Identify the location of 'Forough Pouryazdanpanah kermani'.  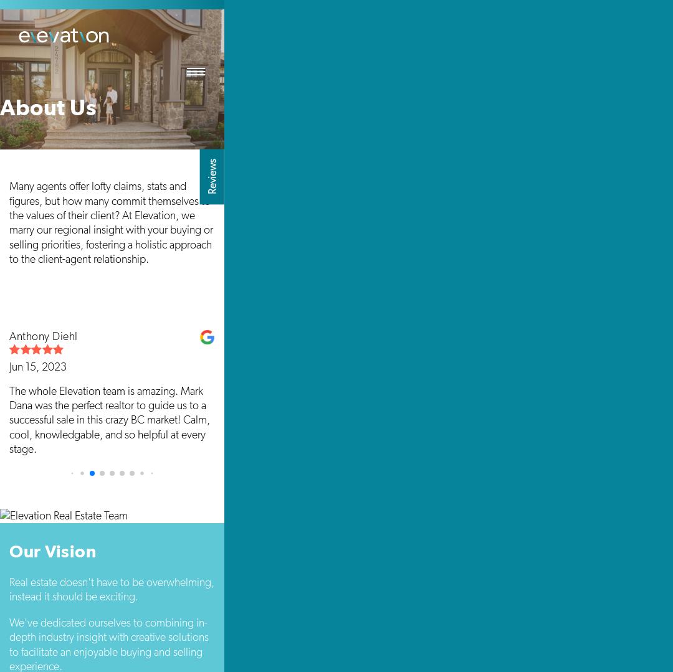
(505, 336).